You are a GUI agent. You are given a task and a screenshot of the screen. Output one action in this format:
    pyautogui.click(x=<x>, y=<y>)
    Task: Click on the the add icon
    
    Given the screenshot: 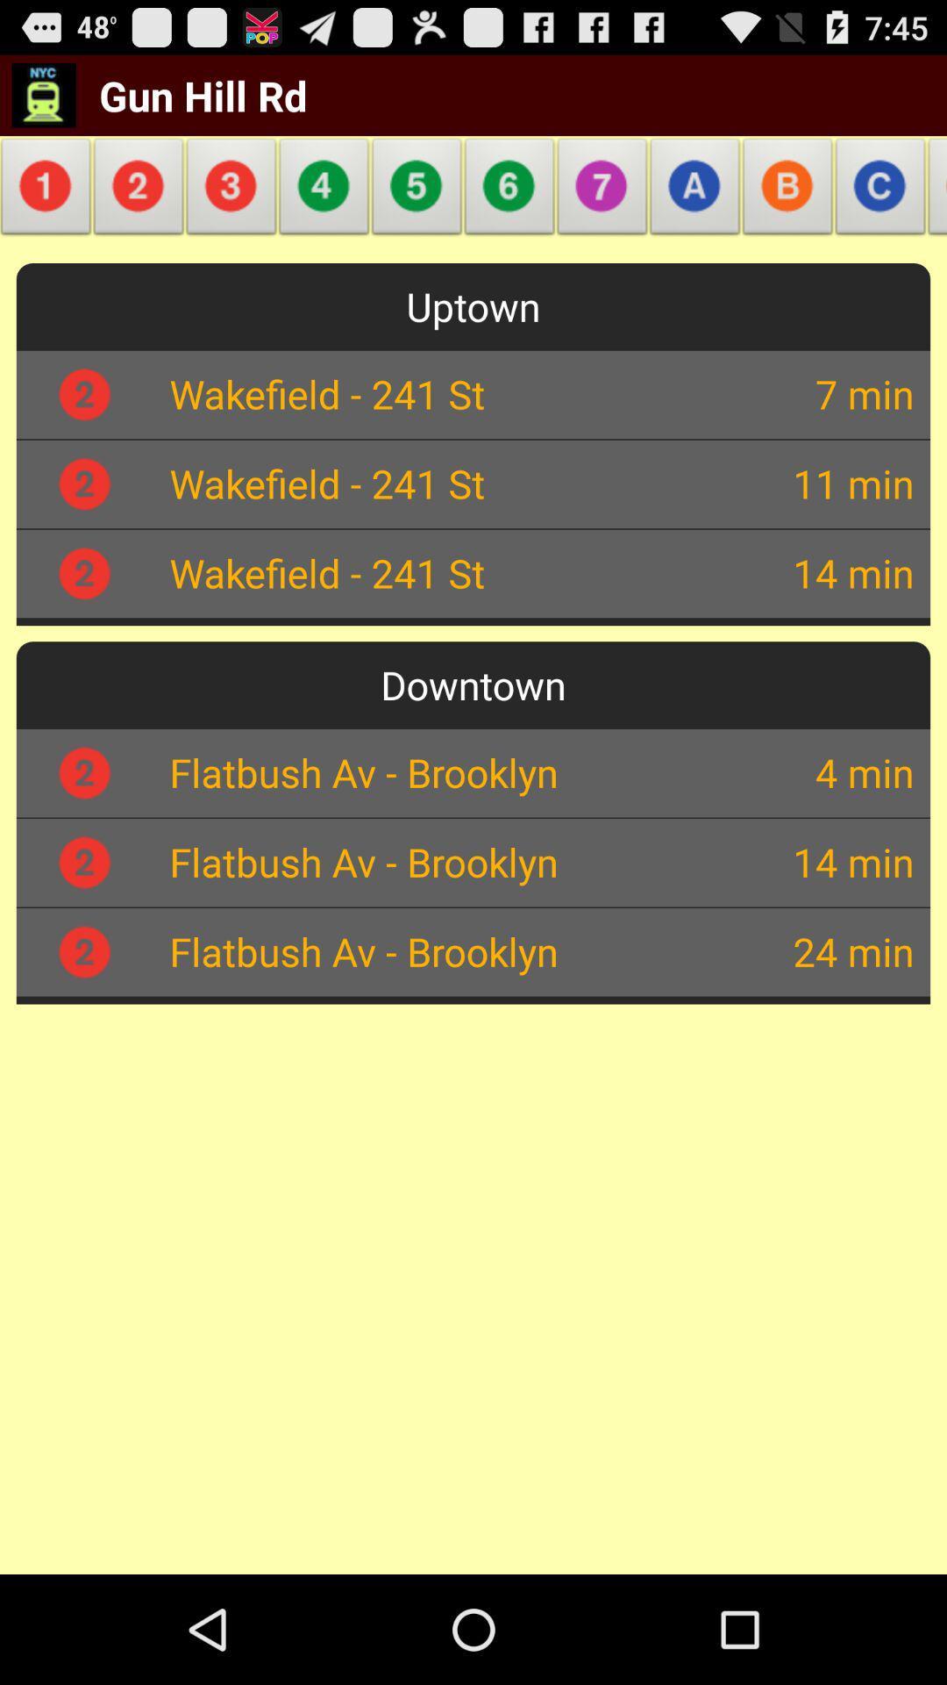 What is the action you would take?
    pyautogui.click(x=417, y=204)
    